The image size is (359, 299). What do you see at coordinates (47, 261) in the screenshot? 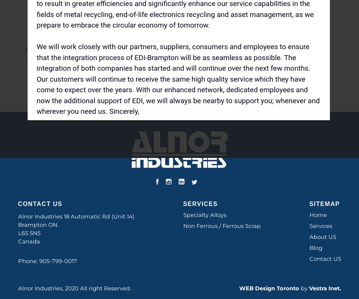
I see `'Phone: 905-799-0017'` at bounding box center [47, 261].